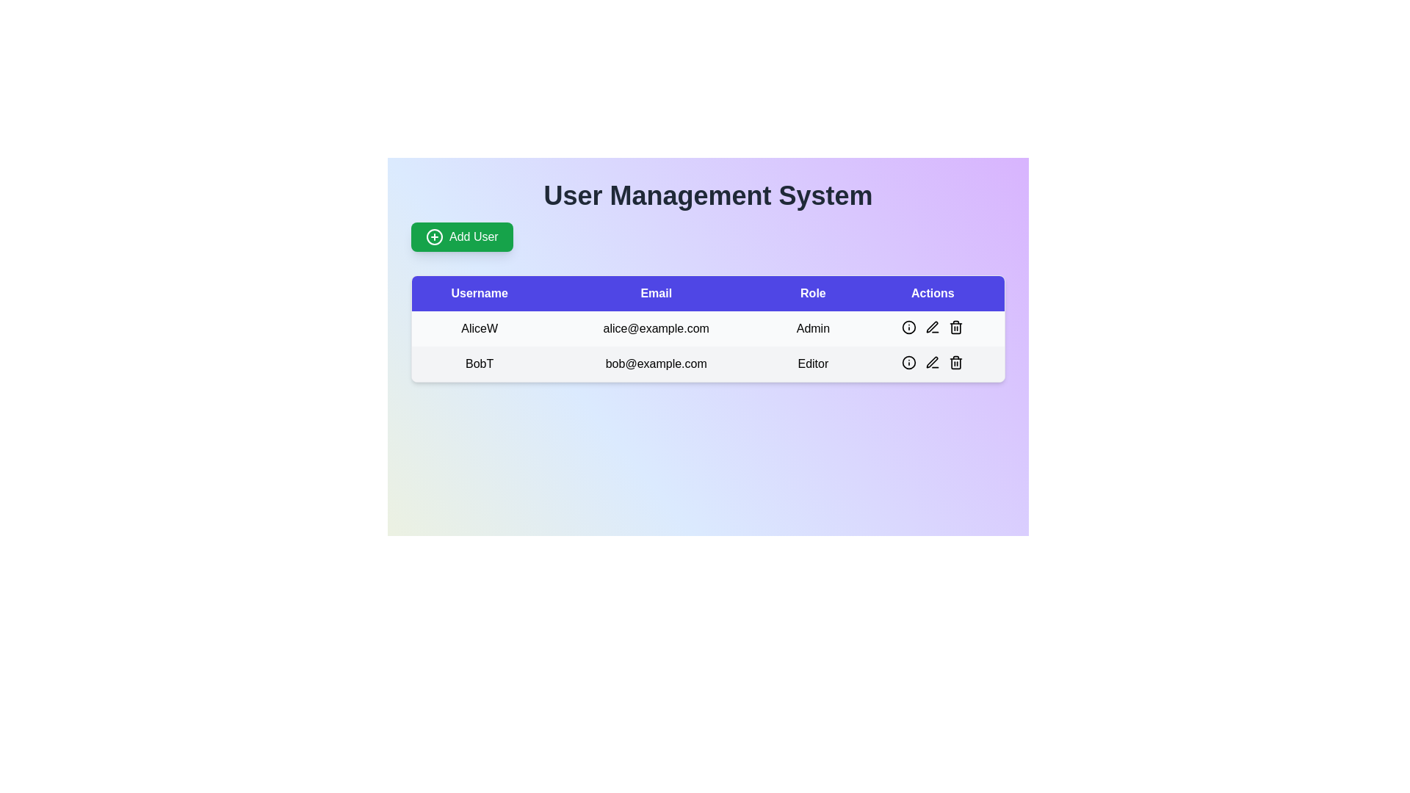 The width and height of the screenshot is (1410, 793). I want to click on a row in the user management table, so click(708, 338).